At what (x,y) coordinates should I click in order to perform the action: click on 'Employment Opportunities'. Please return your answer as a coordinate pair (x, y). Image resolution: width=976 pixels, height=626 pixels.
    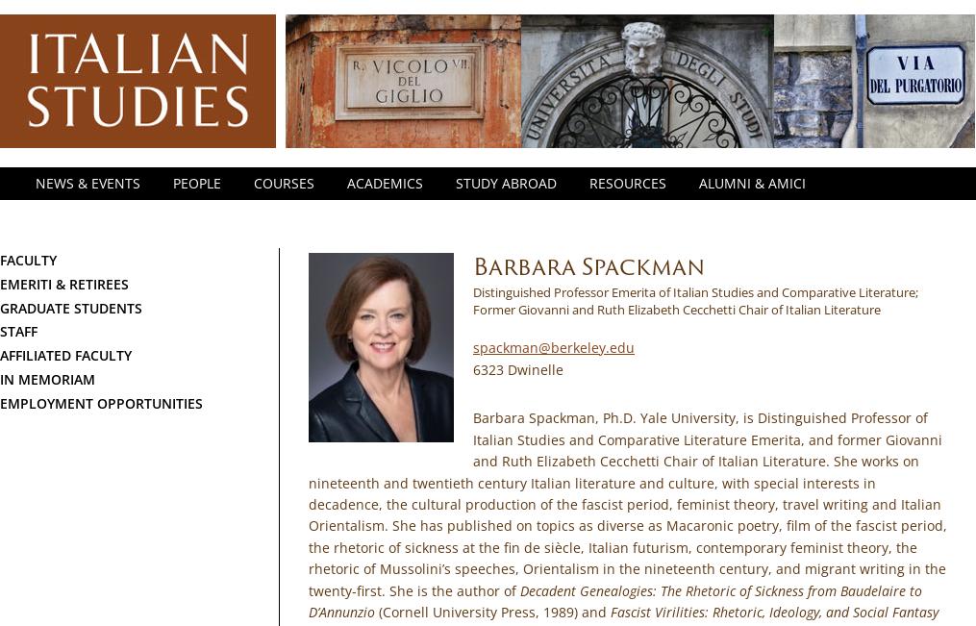
    Looking at the image, I should click on (0, 401).